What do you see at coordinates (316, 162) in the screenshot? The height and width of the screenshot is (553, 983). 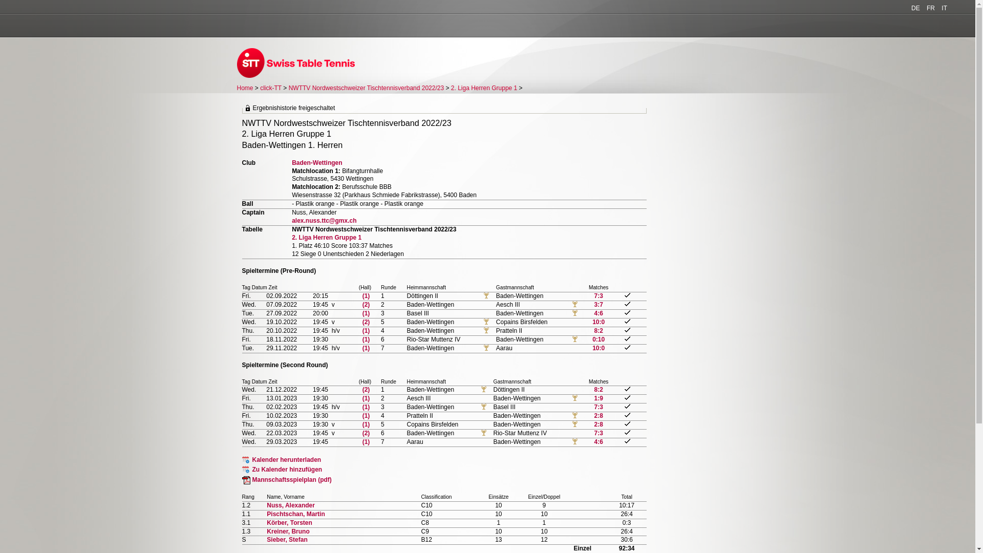 I see `'Baden-Wettingen'` at bounding box center [316, 162].